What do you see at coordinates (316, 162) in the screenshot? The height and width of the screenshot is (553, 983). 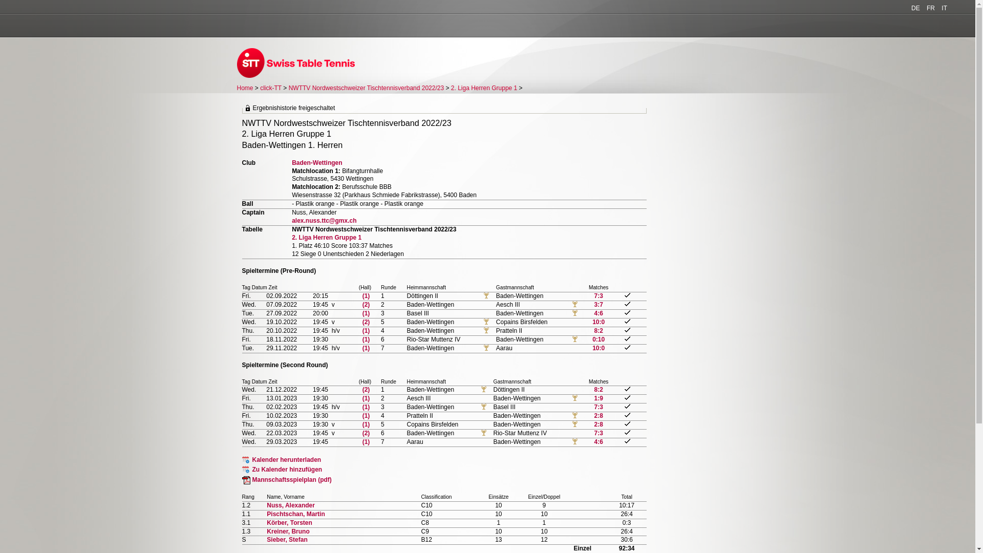 I see `'Baden-Wettingen'` at bounding box center [316, 162].